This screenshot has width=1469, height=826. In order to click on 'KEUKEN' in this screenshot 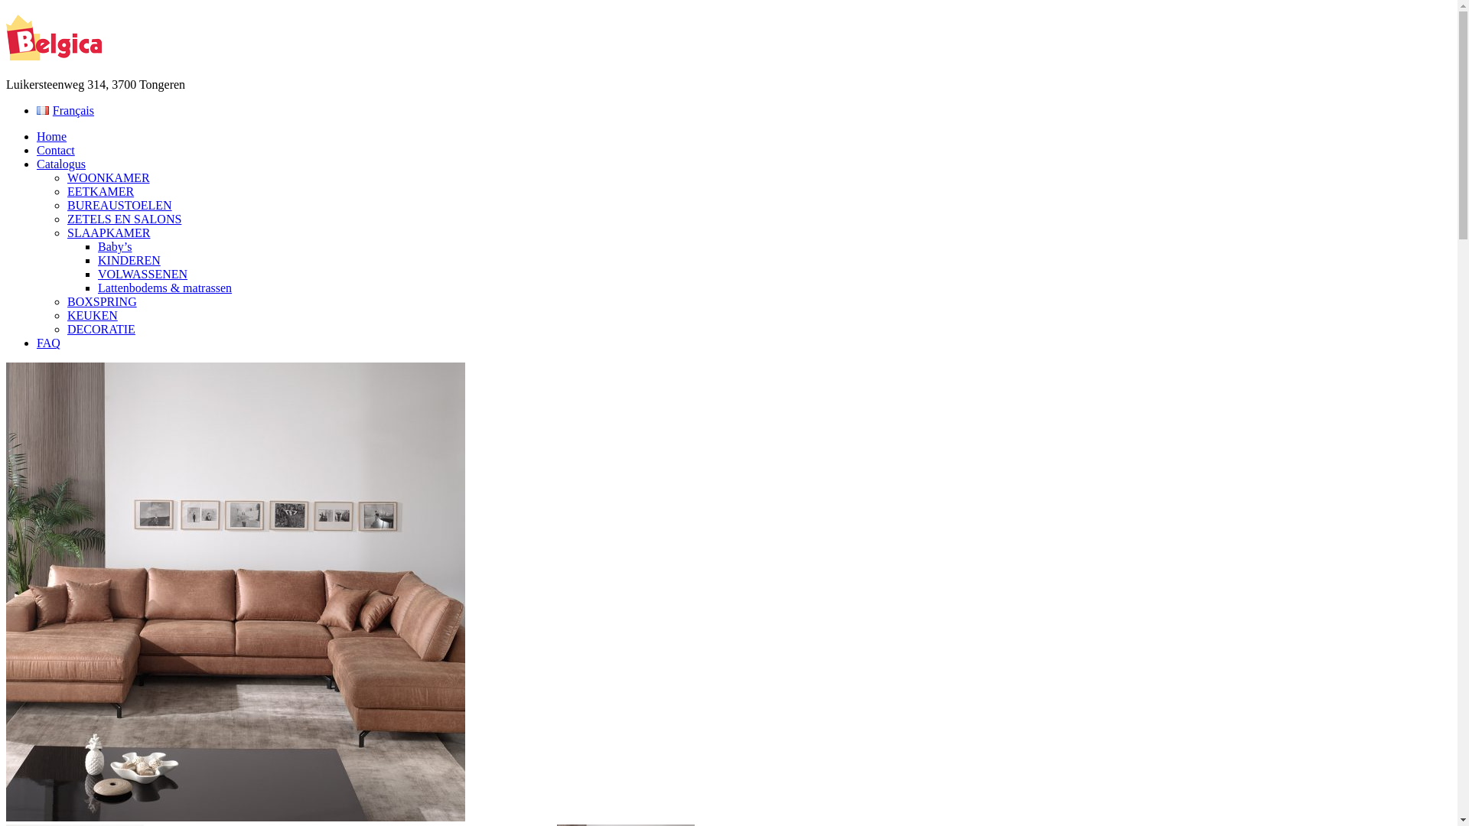, I will do `click(66, 314)`.